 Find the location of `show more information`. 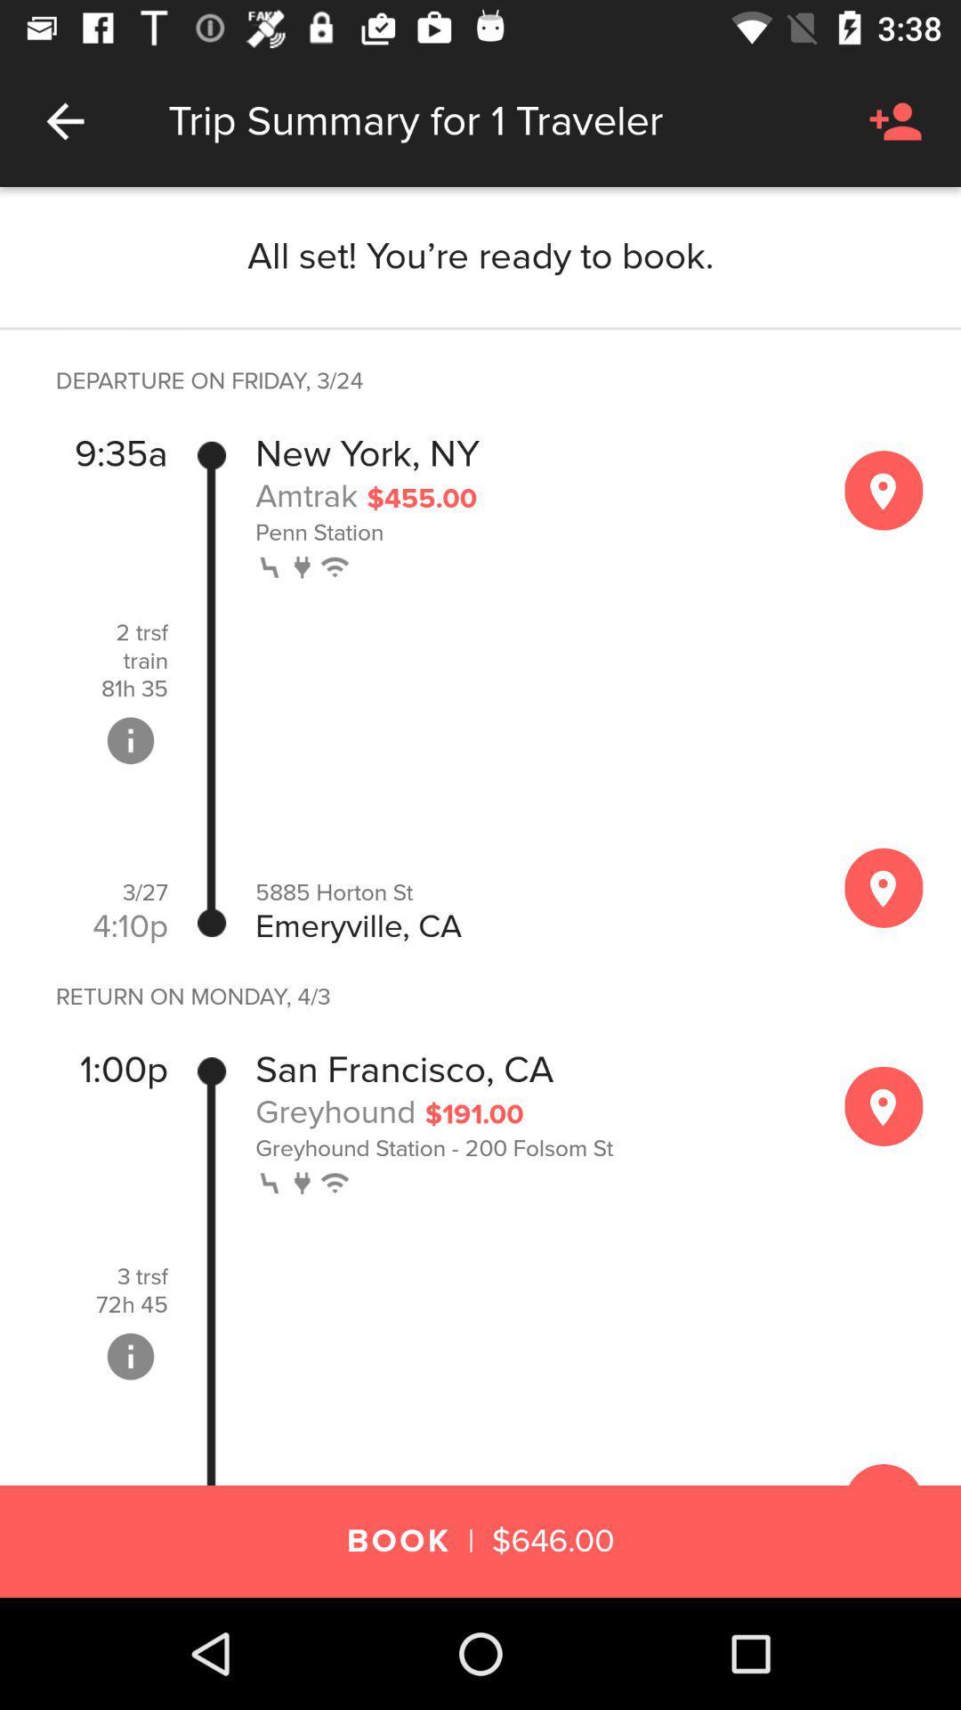

show more information is located at coordinates (129, 740).